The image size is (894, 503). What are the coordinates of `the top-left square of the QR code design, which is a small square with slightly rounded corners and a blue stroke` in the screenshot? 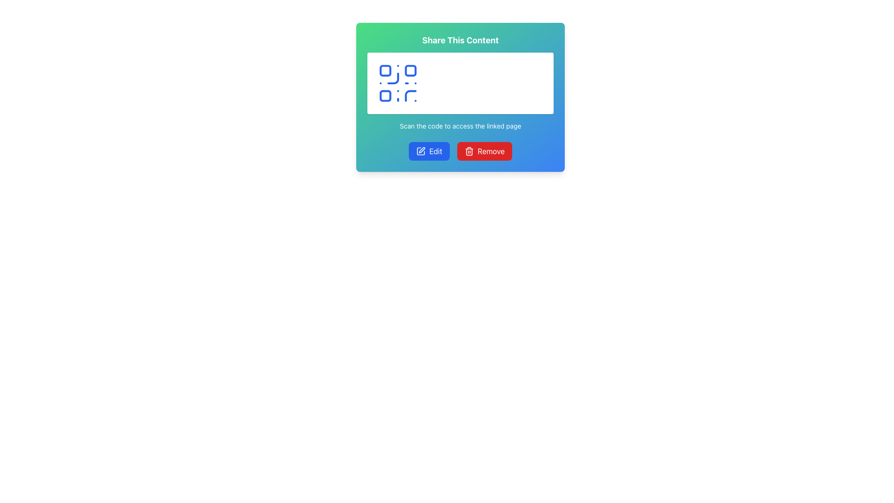 It's located at (385, 70).